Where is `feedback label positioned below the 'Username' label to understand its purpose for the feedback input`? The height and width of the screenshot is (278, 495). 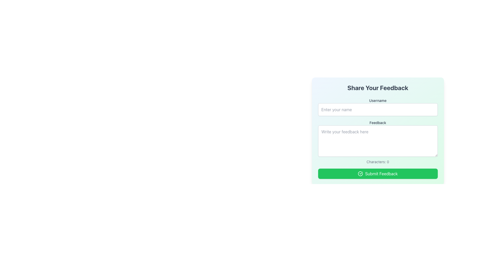 feedback label positioned below the 'Username' label to understand its purpose for the feedback input is located at coordinates (378, 123).